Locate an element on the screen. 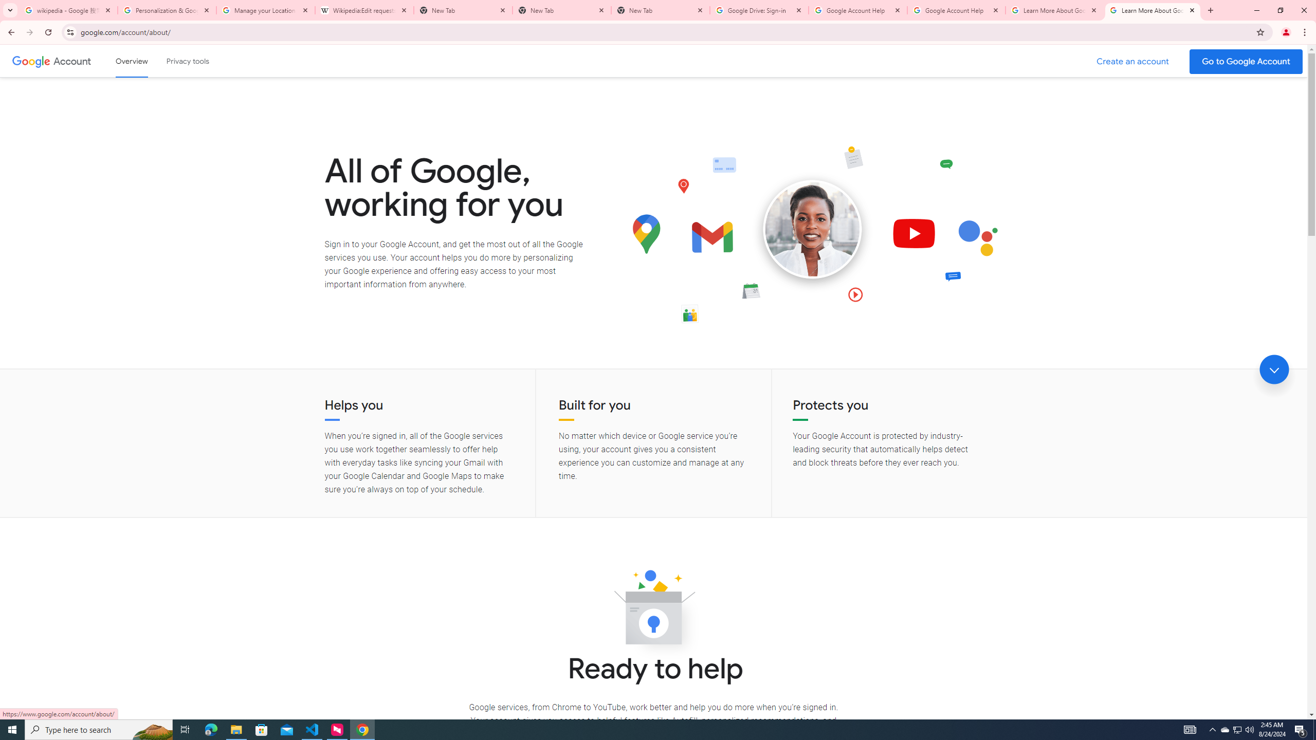 The width and height of the screenshot is (1316, 740). 'Google Account overview' is located at coordinates (132, 61).